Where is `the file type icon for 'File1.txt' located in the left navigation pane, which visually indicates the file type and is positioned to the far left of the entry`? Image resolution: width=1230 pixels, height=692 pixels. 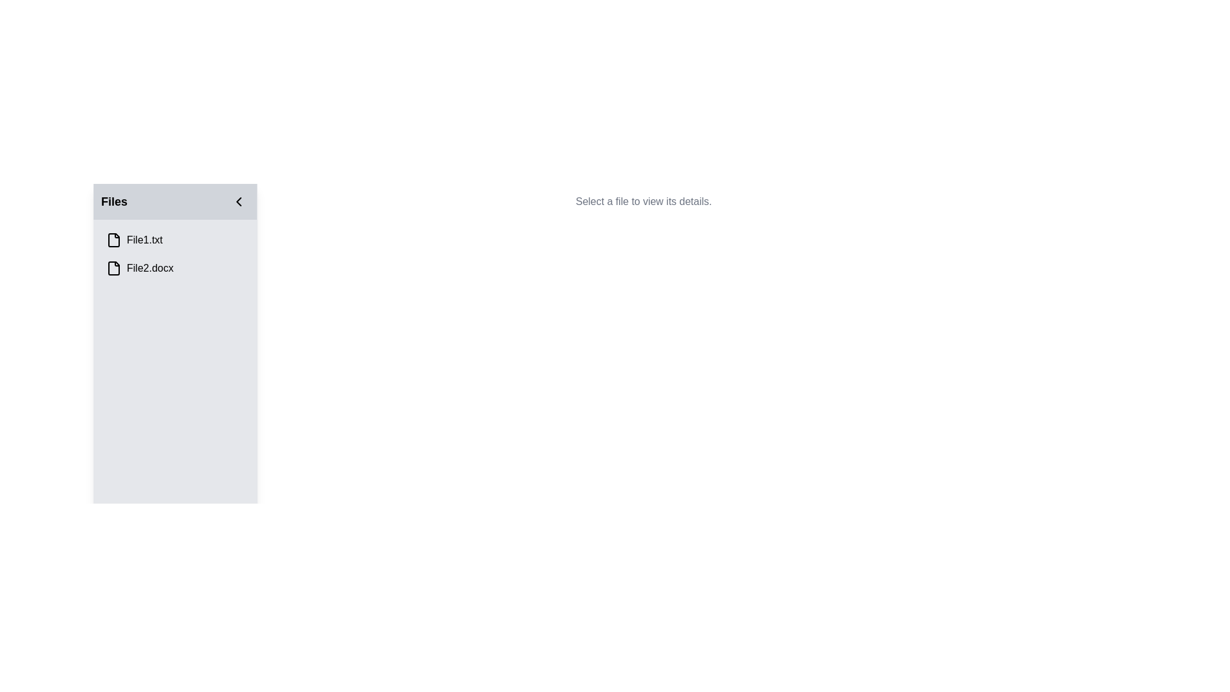 the file type icon for 'File1.txt' located in the left navigation pane, which visually indicates the file type and is positioned to the far left of the entry is located at coordinates (113, 240).